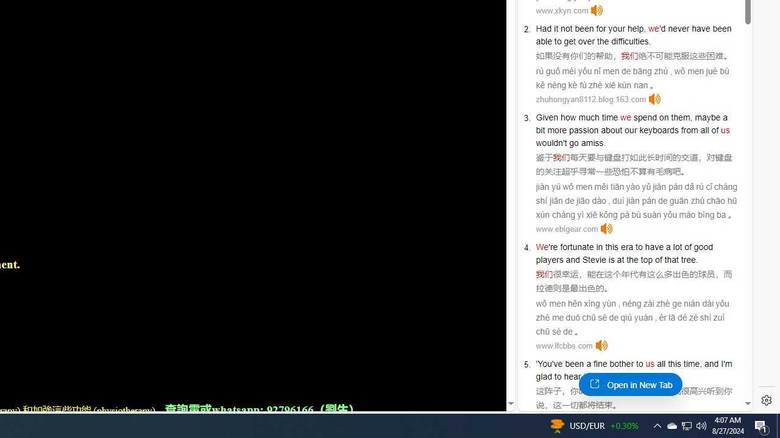 This screenshot has height=438, width=780. What do you see at coordinates (542, 246) in the screenshot?
I see `'We'` at bounding box center [542, 246].